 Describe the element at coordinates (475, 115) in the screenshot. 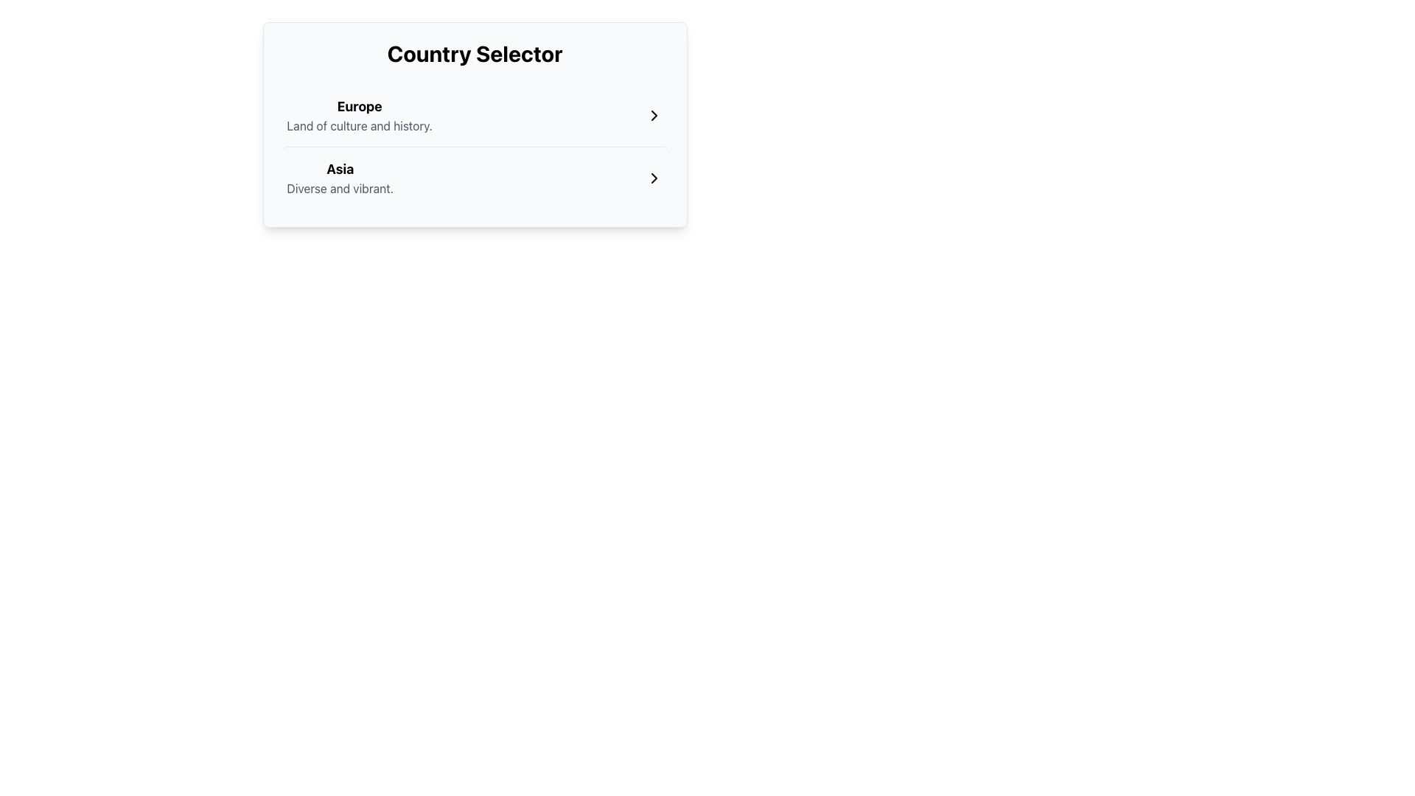

I see `the selectable list item representing the country 'Europe'` at that location.